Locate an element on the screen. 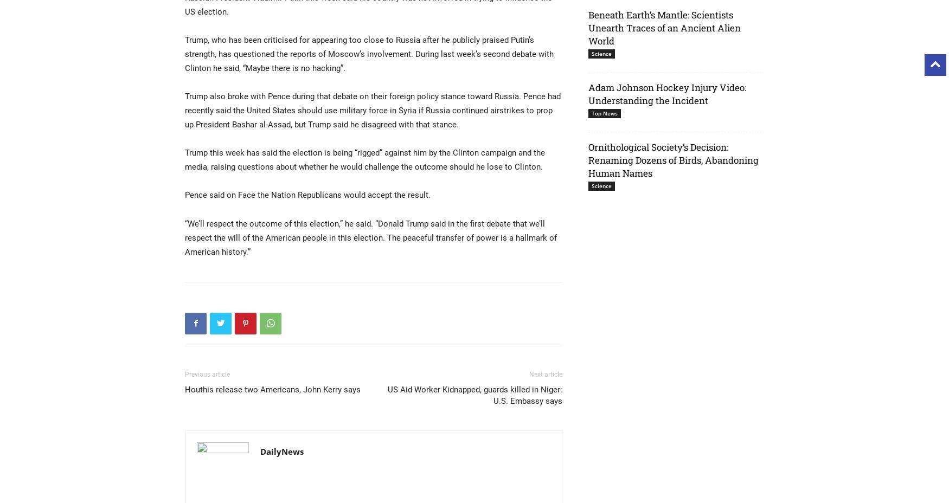 This screenshot has height=503, width=949. 'DailyNews' is located at coordinates (281, 451).